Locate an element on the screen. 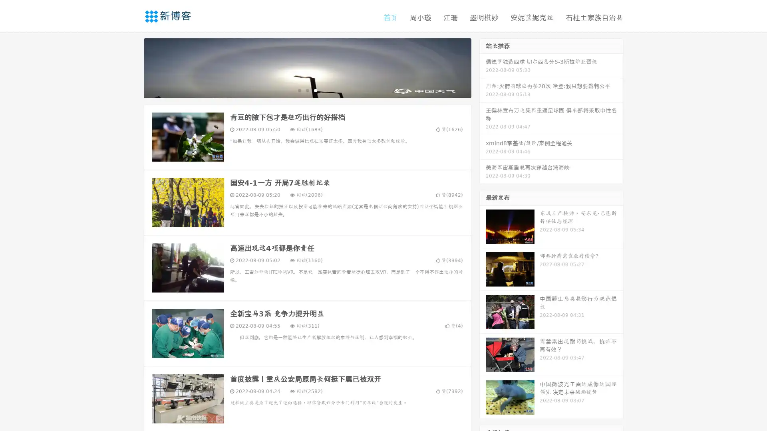  Go to slide 1 is located at coordinates (299, 90).